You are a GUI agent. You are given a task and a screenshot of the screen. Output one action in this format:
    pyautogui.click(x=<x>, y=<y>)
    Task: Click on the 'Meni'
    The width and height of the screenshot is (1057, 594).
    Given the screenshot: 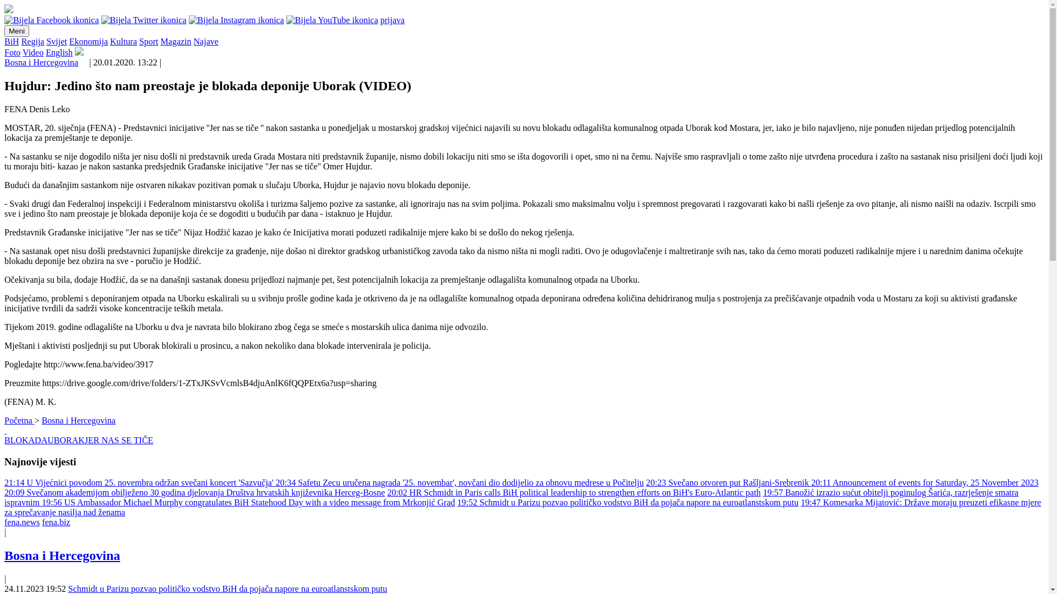 What is the action you would take?
    pyautogui.click(x=17, y=30)
    